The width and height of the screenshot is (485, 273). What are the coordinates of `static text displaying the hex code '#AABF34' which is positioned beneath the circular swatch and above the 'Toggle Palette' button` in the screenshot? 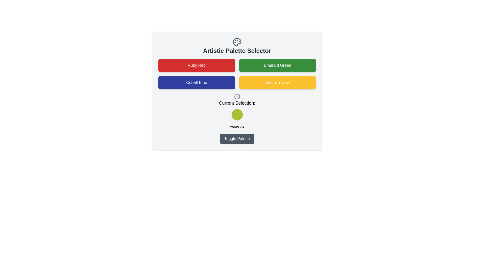 It's located at (237, 127).